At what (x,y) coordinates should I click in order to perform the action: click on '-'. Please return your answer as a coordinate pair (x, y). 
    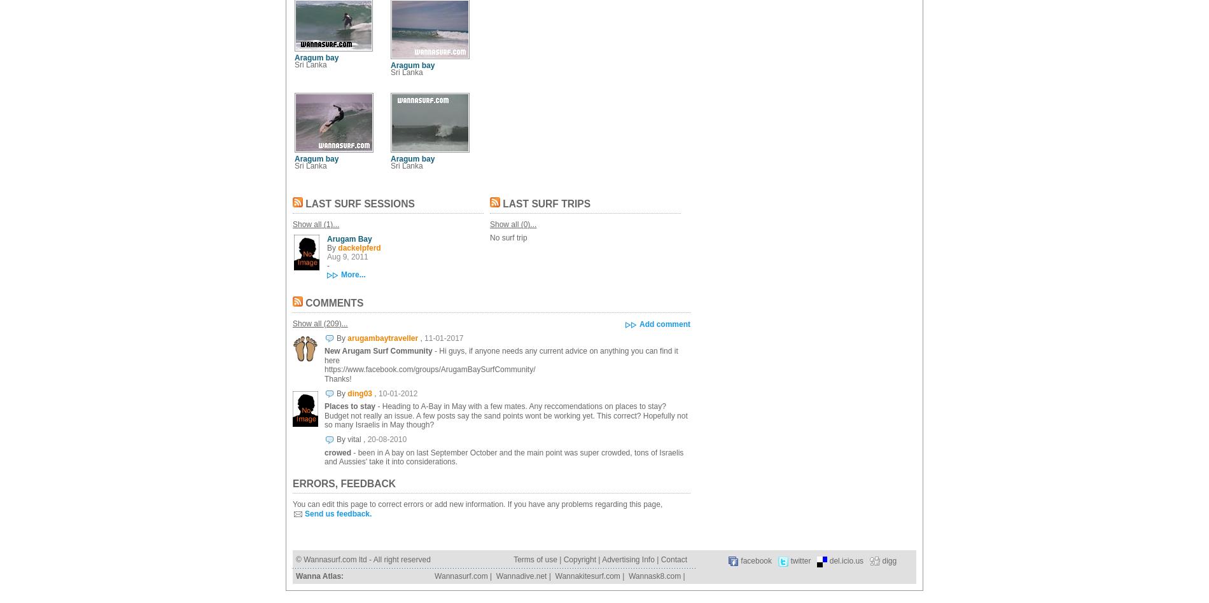
    Looking at the image, I should click on (326, 265).